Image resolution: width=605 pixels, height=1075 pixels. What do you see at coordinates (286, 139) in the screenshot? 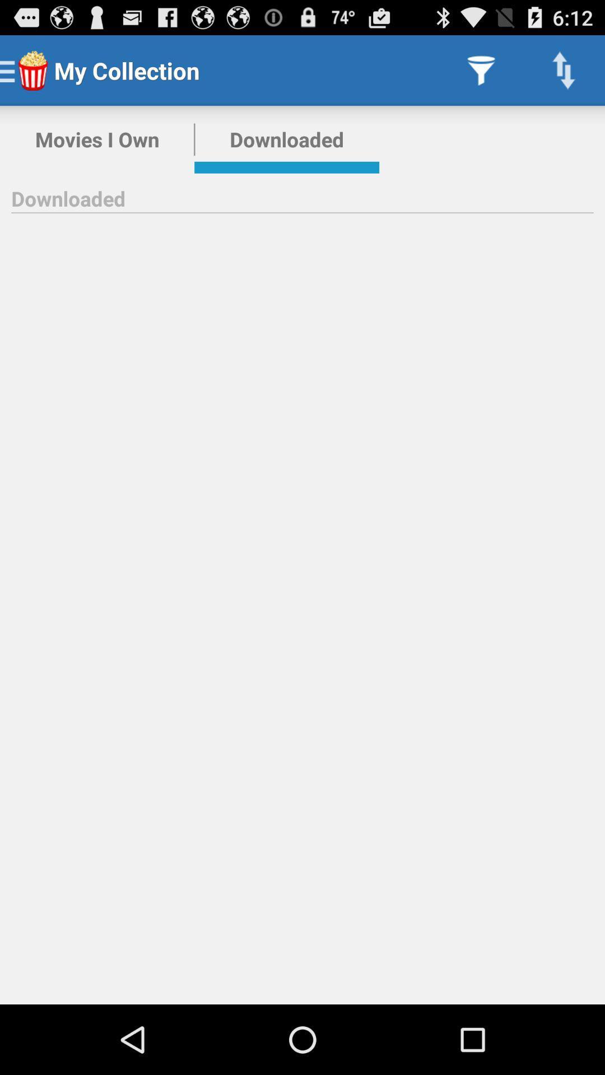
I see `icon below the my collection app` at bounding box center [286, 139].